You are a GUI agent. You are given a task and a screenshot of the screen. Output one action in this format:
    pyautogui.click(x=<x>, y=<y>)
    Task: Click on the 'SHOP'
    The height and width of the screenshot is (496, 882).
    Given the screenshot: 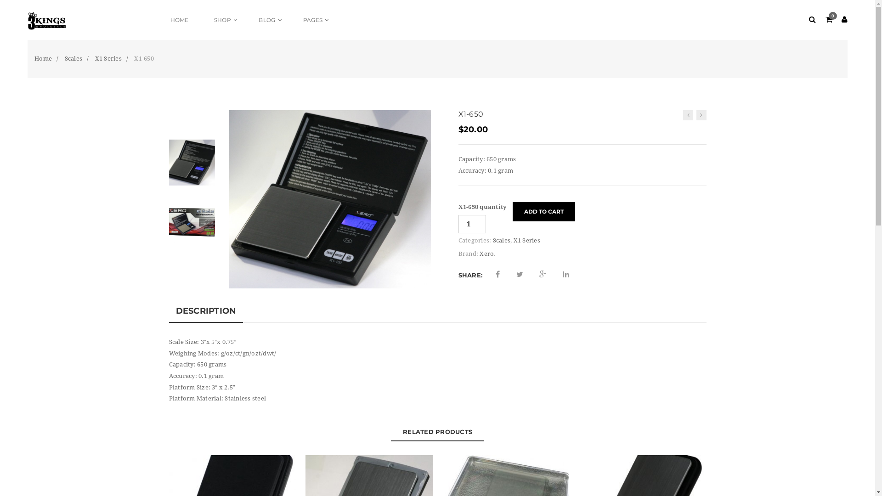 What is the action you would take?
    pyautogui.click(x=202, y=20)
    